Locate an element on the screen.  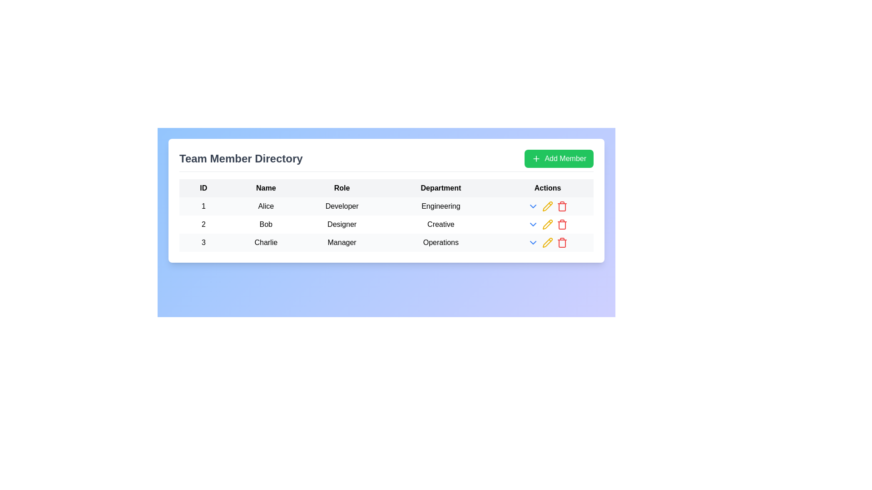
the text label representing the department name in the fourth column of the row containing '3', 'Charlie', and 'Manager' is located at coordinates (441, 242).